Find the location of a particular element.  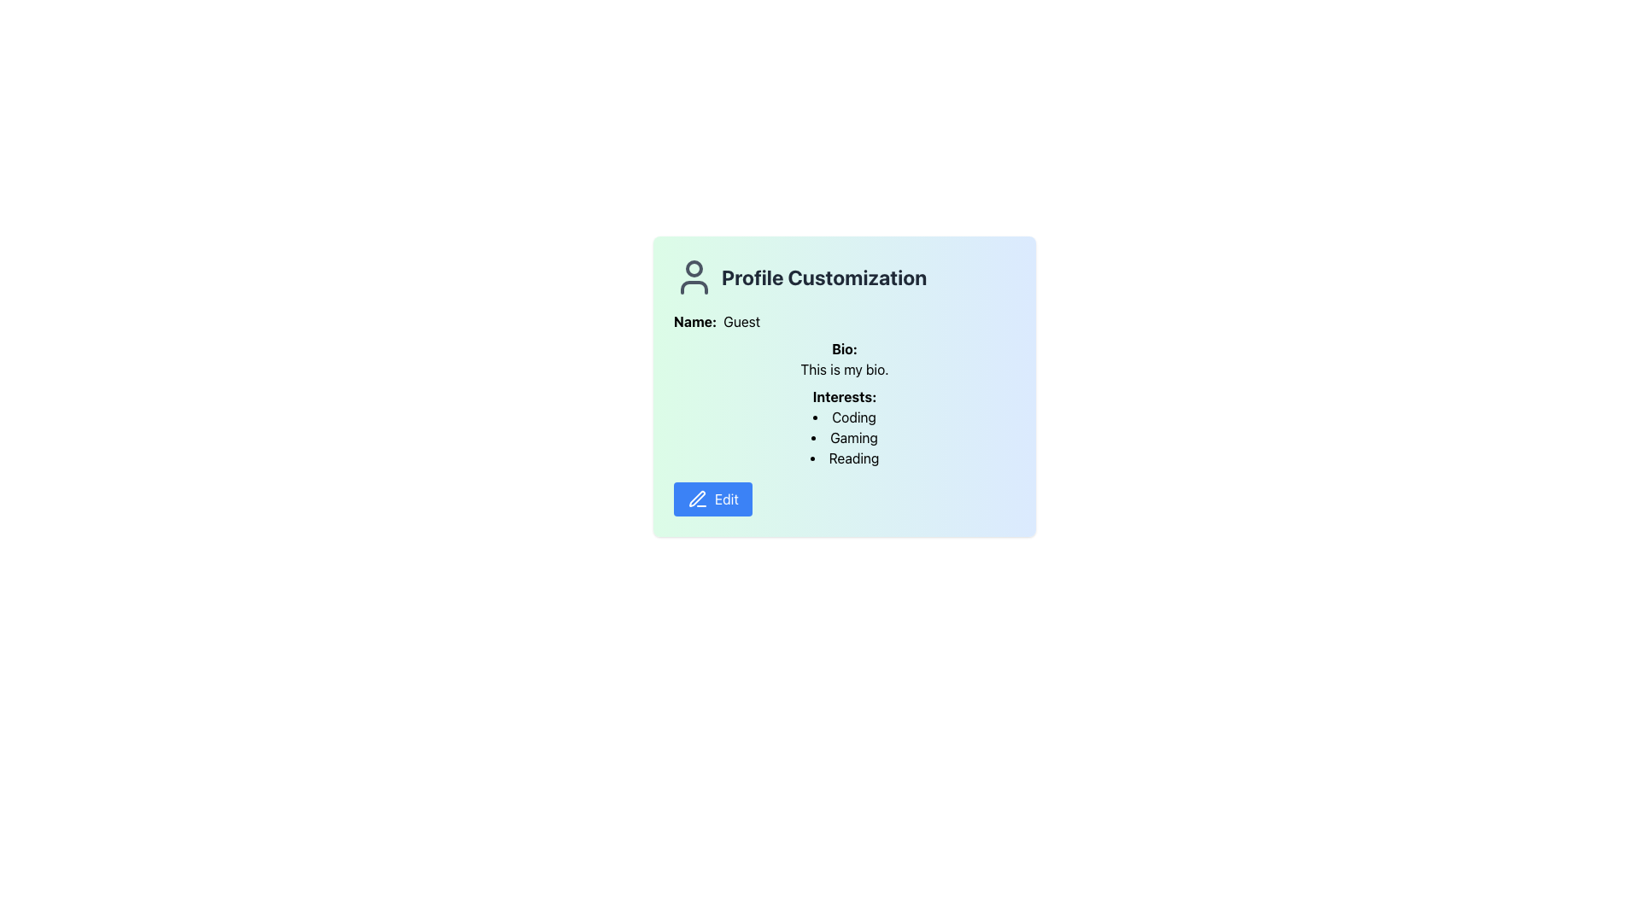

the non-interactive text element displaying 'Guest', which is positioned to the right of the 'Name:' label within the user customization panel is located at coordinates (741, 322).